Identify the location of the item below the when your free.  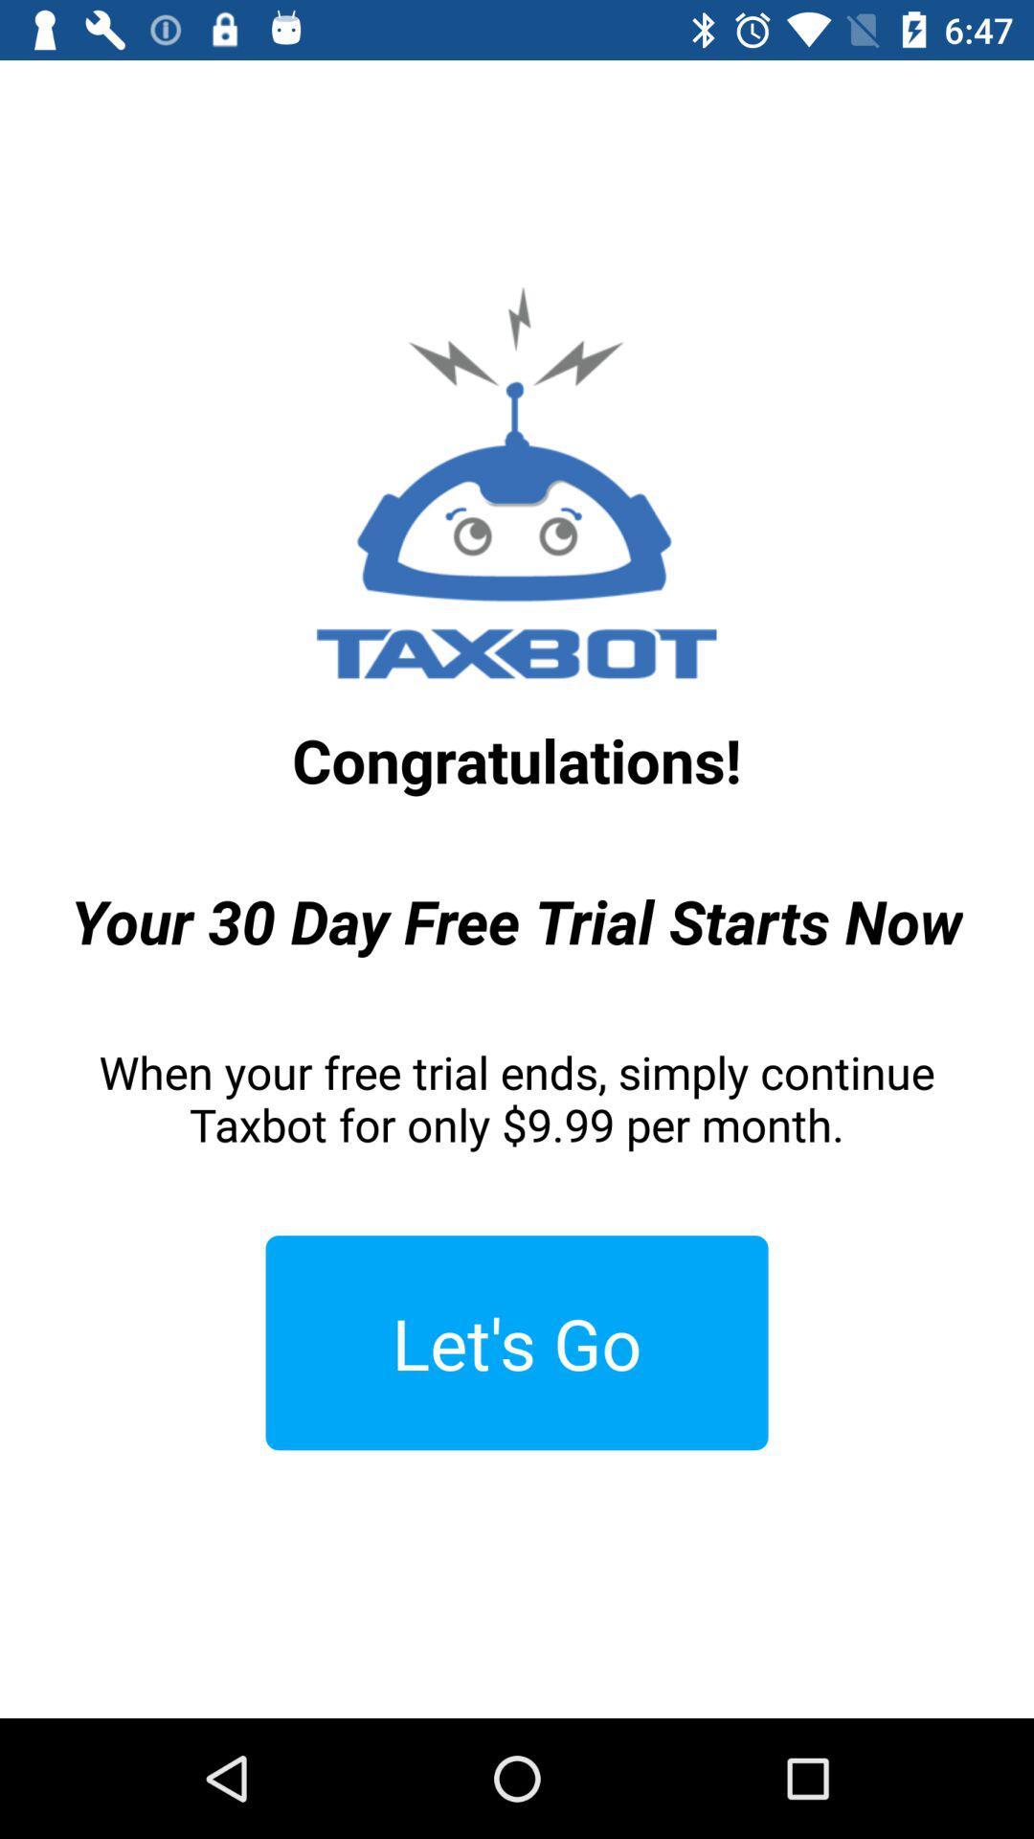
(517, 1342).